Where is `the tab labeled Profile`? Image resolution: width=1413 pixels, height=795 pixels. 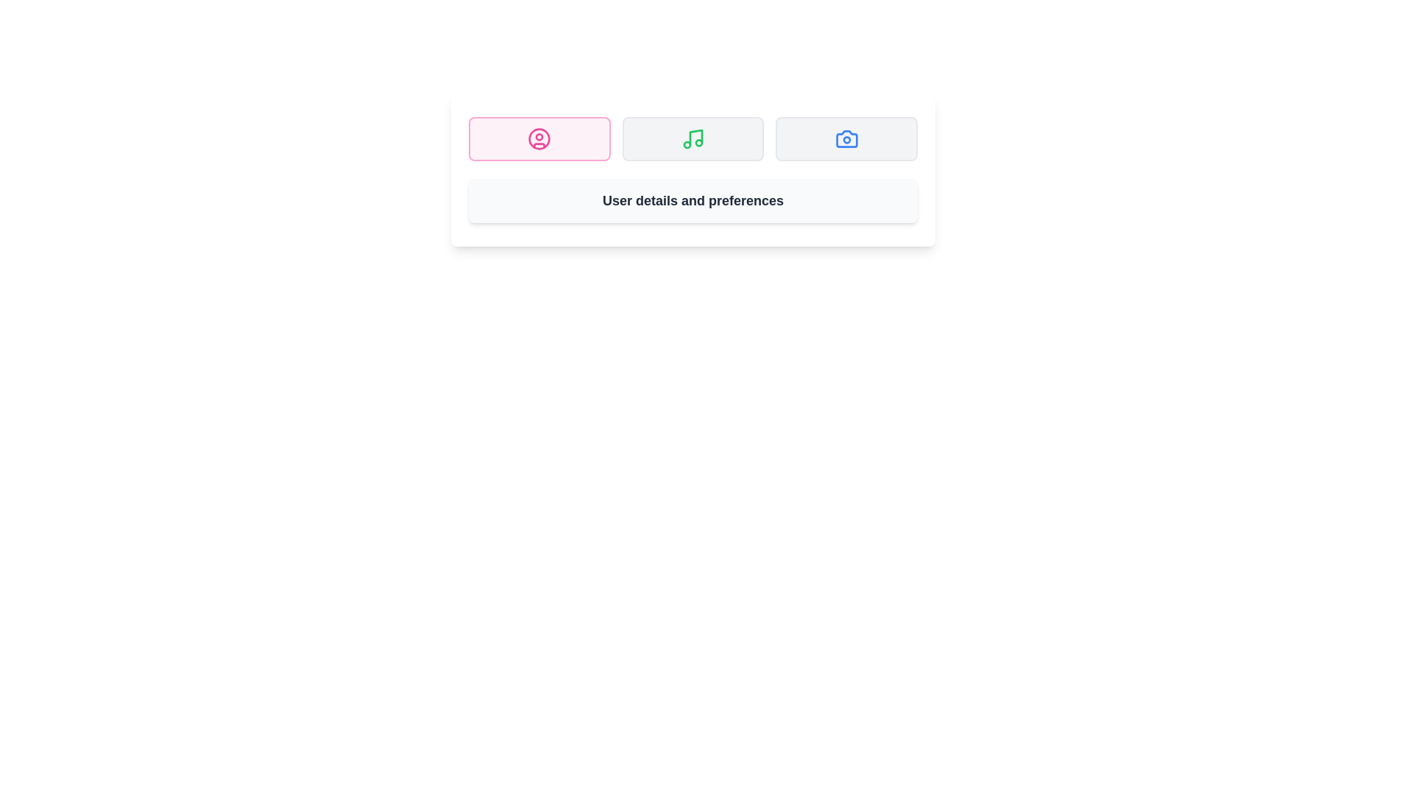 the tab labeled Profile is located at coordinates (539, 139).